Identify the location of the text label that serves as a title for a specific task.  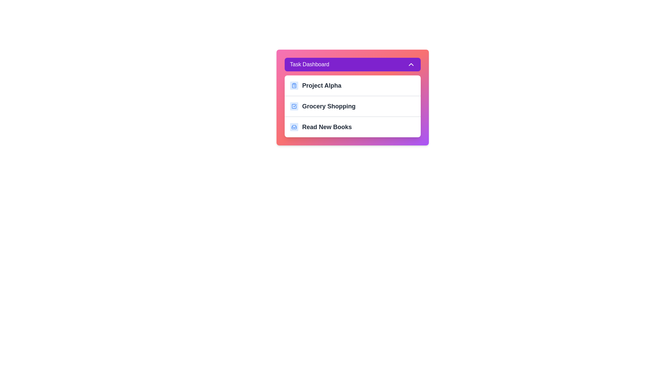
(321, 85).